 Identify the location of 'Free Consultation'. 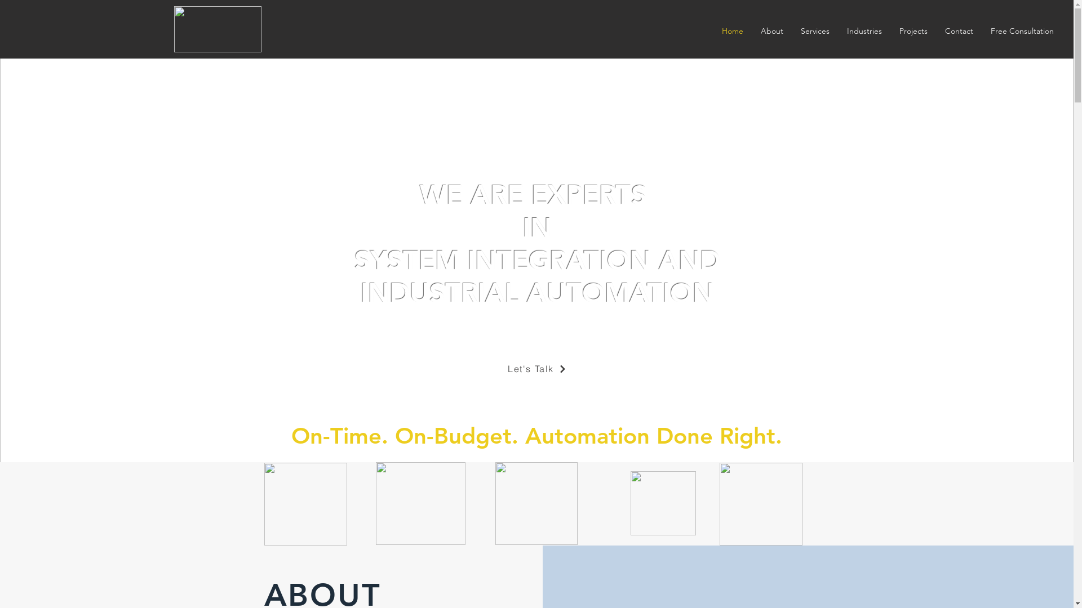
(981, 30).